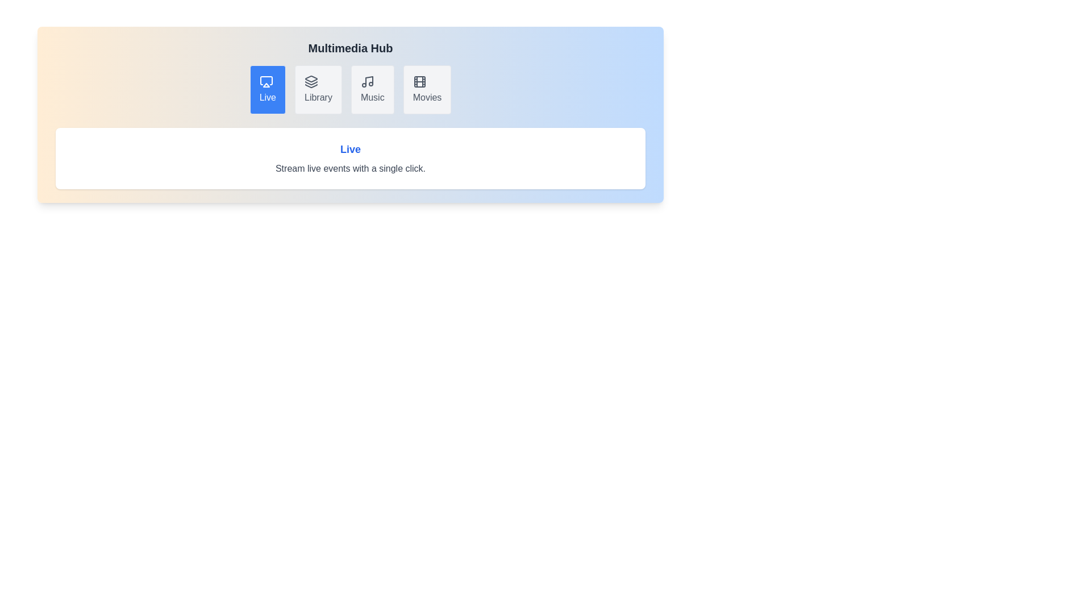  Describe the element at coordinates (318, 89) in the screenshot. I see `the tab labeled Library to view its content` at that location.